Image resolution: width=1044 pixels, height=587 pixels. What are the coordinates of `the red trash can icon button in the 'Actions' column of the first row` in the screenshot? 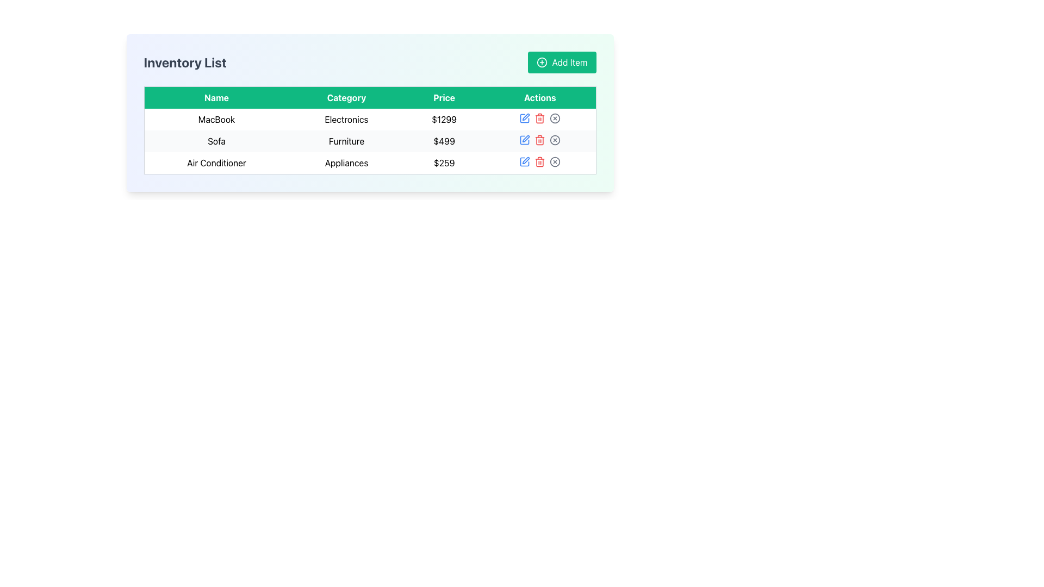 It's located at (540, 118).